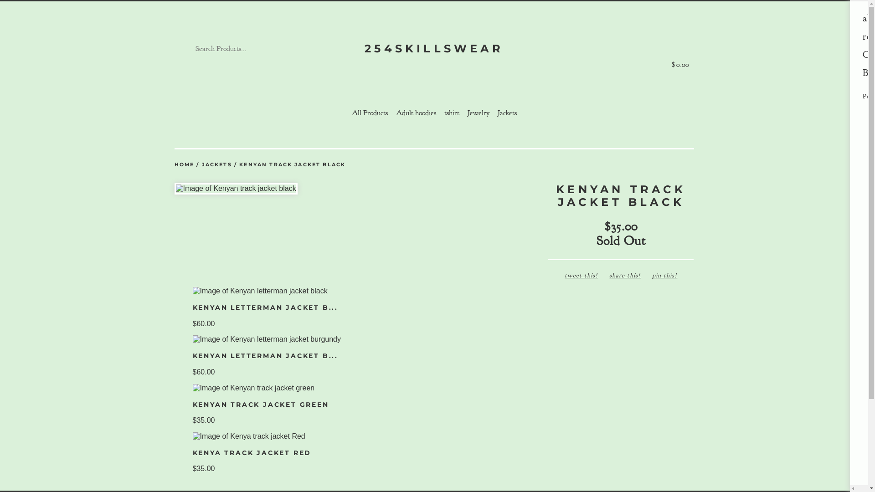  I want to click on 'KENYAN TRACK JACKET BLACK', so click(292, 164).